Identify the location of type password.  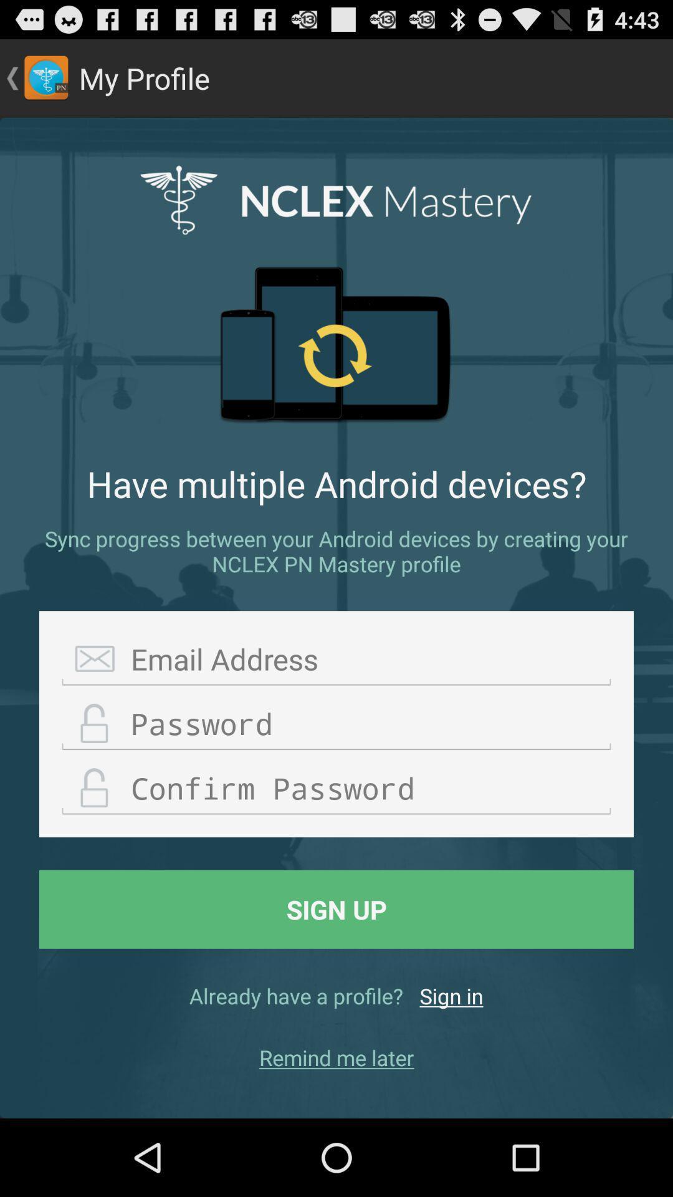
(336, 724).